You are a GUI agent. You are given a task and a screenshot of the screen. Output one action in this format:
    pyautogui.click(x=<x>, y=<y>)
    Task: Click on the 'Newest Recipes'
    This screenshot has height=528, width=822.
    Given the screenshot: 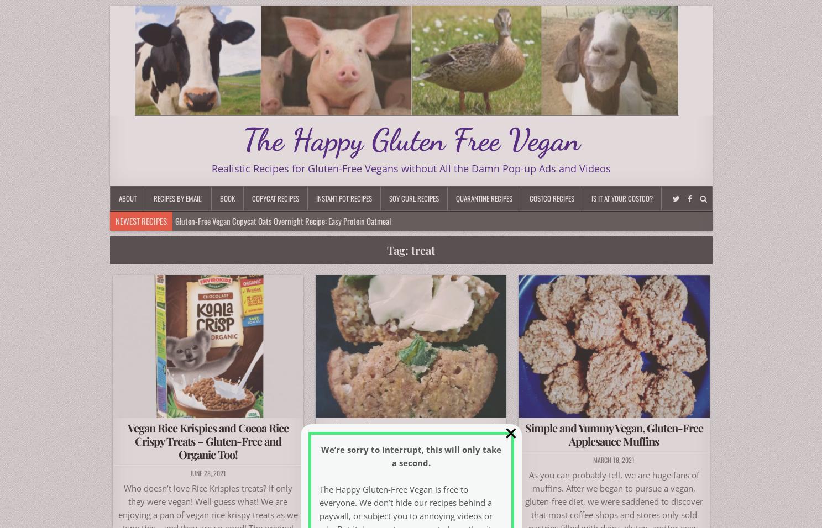 What is the action you would take?
    pyautogui.click(x=140, y=220)
    